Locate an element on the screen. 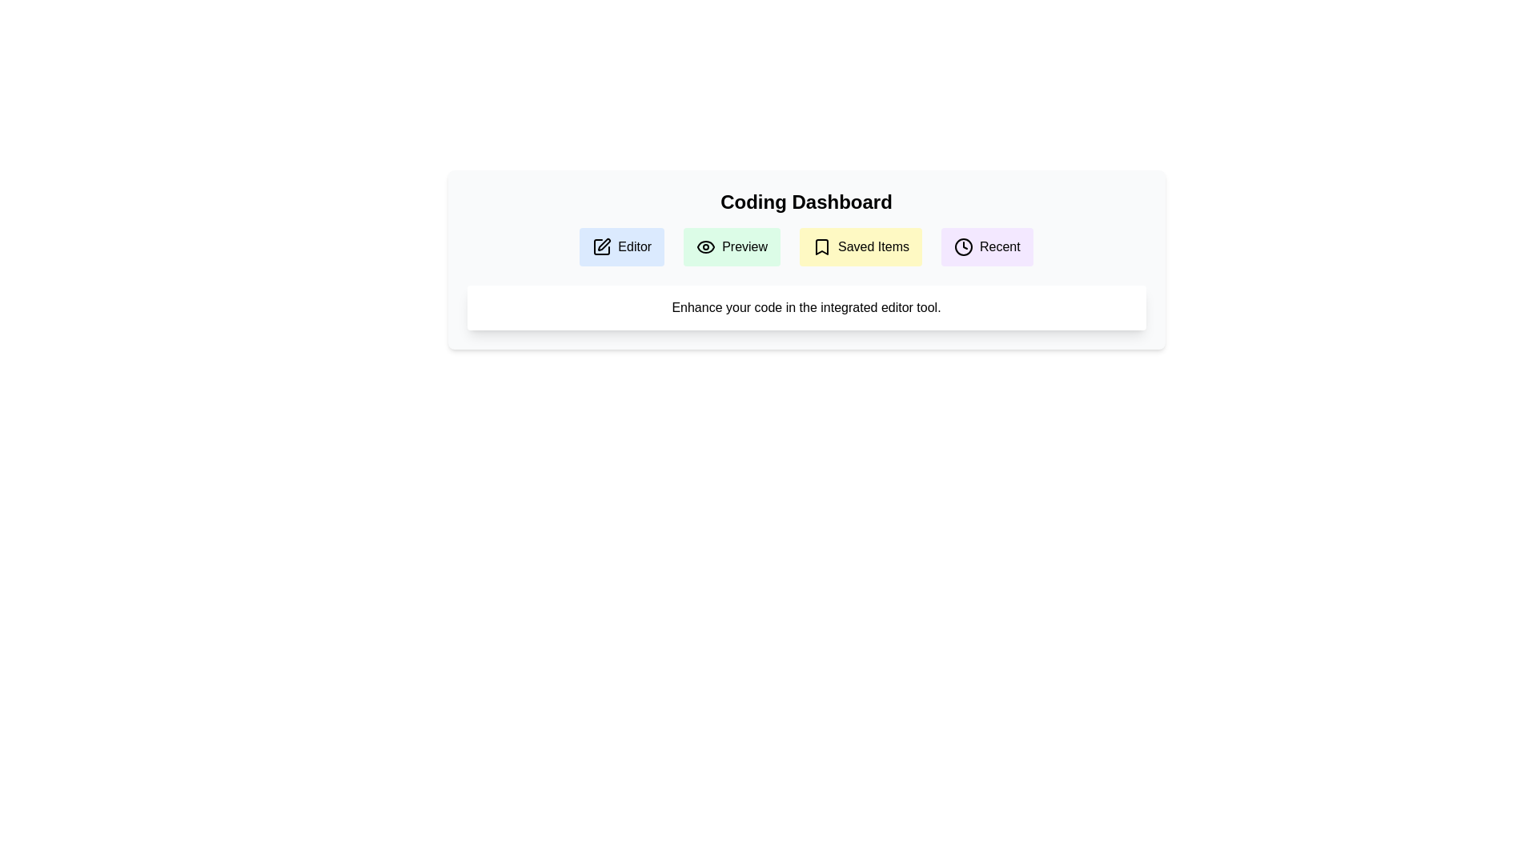 Image resolution: width=1537 pixels, height=864 pixels. the pen tip graphic element located at the top right of the square-and-pen icon to get details about it is located at coordinates (604, 244).